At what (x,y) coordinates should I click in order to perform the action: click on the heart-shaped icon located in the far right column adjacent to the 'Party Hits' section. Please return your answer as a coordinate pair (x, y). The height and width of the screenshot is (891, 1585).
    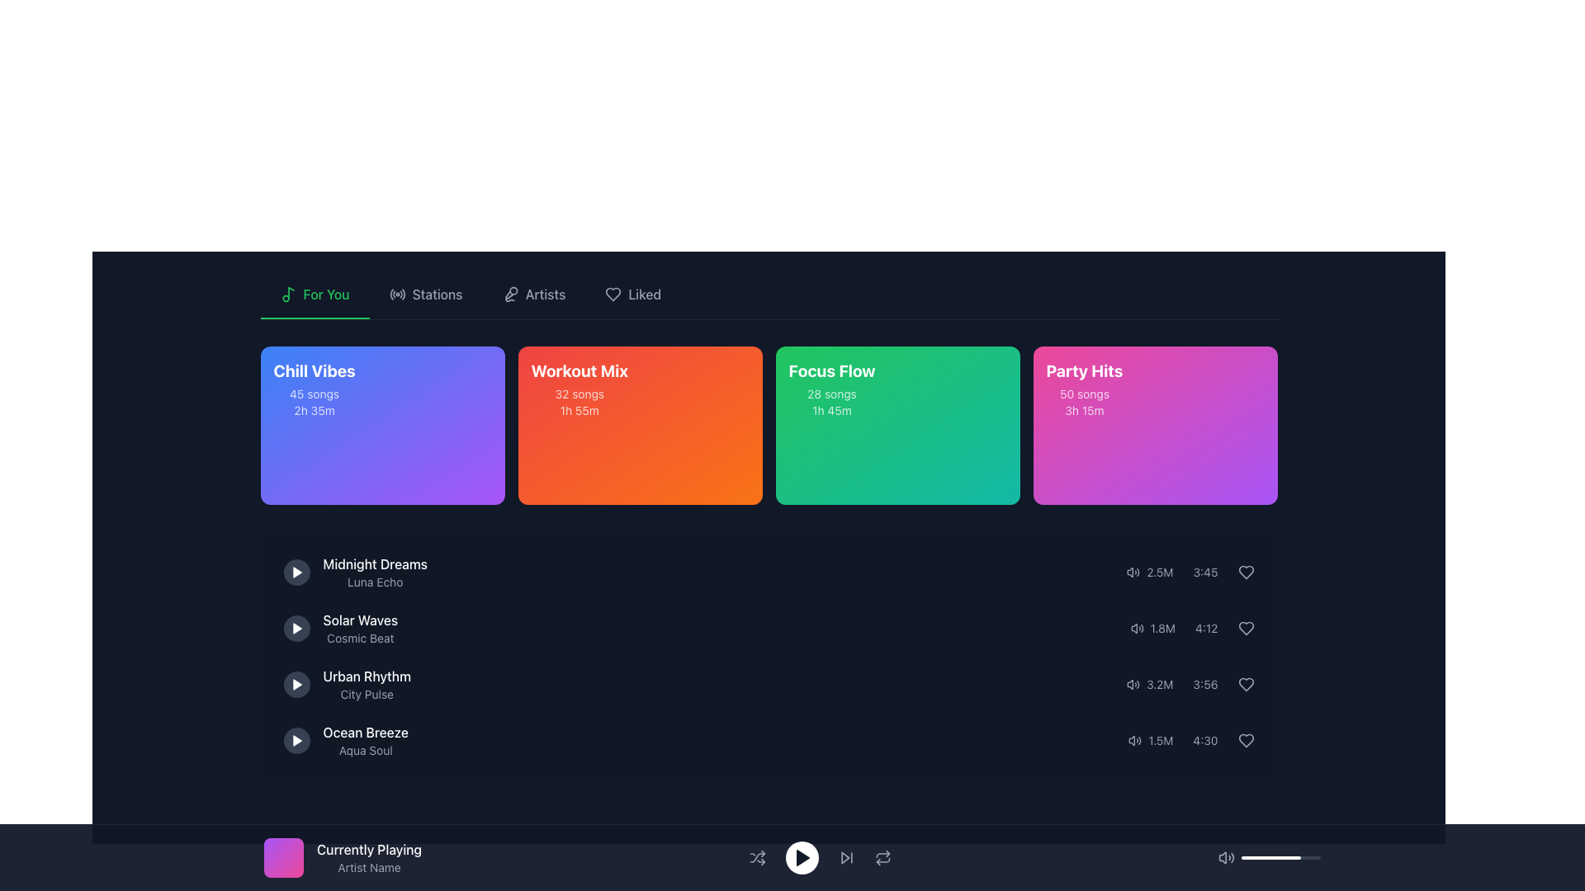
    Looking at the image, I should click on (1246, 572).